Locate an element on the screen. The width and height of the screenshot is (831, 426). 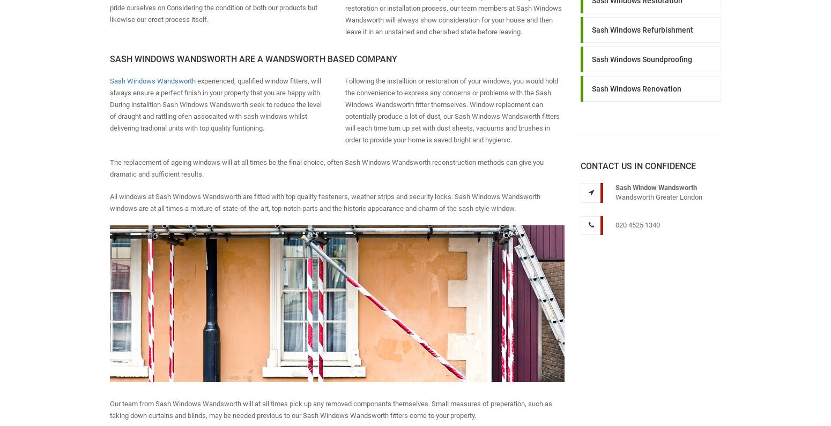
'Contact us in Confidence' is located at coordinates (637, 165).